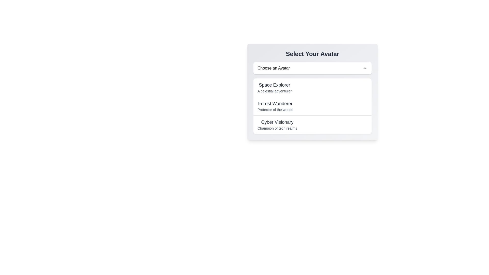 Image resolution: width=489 pixels, height=275 pixels. What do you see at coordinates (277, 122) in the screenshot?
I see `text label 'Cyber Visionary', which is prominently displayed at the top of a two-line item in a dropdown menu interface` at bounding box center [277, 122].